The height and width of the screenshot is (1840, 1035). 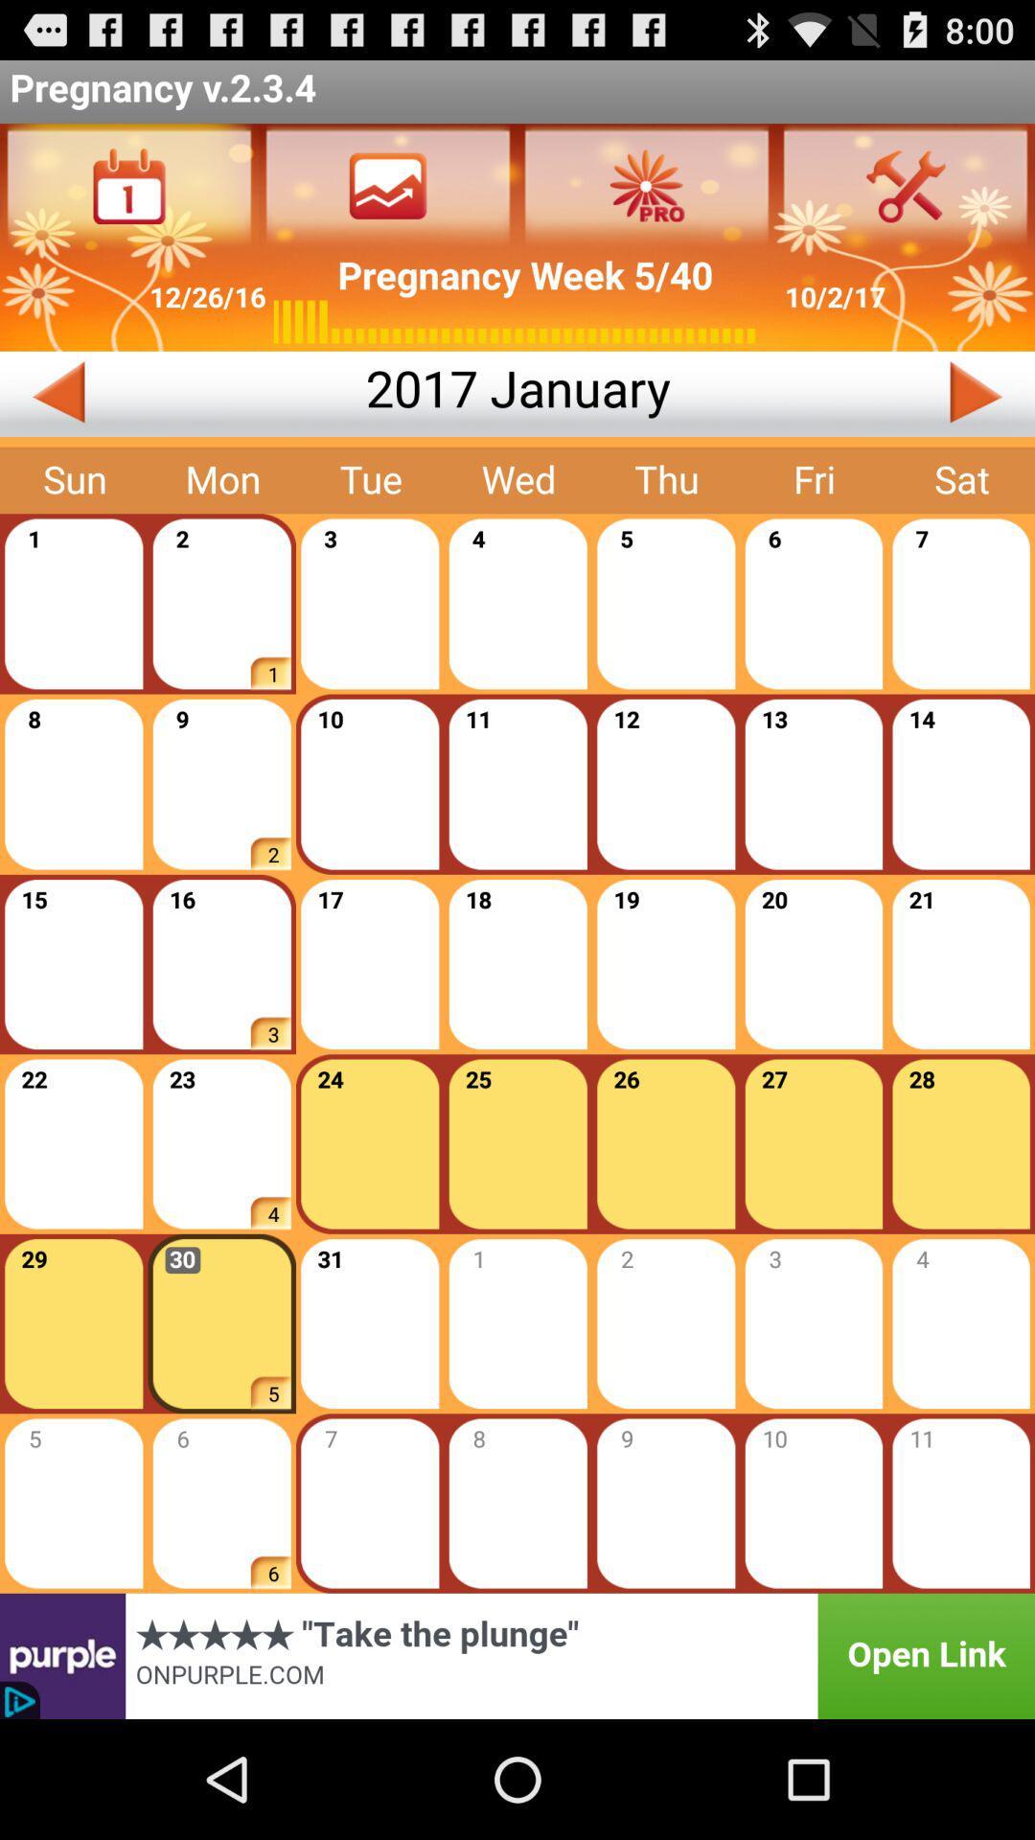 What do you see at coordinates (182, 393) in the screenshot?
I see `go back` at bounding box center [182, 393].